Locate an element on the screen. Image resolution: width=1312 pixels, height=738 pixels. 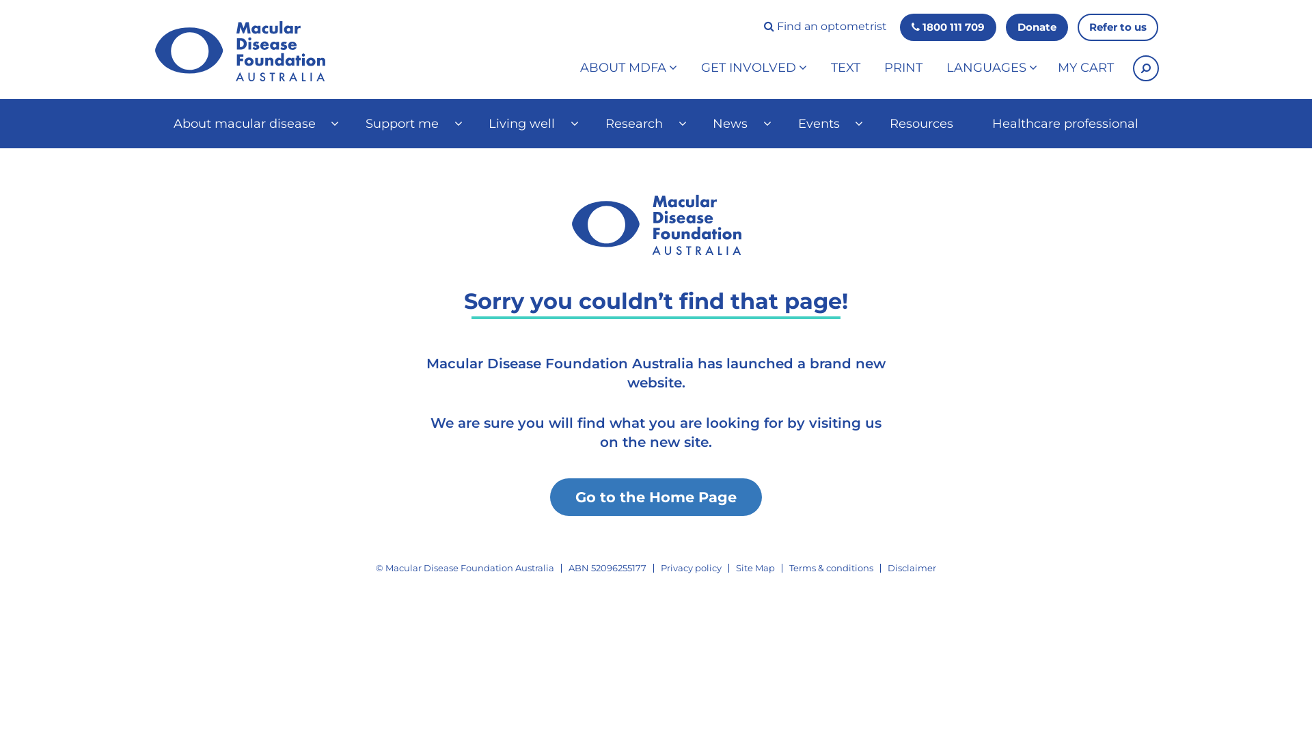
'Living well' is located at coordinates (527, 124).